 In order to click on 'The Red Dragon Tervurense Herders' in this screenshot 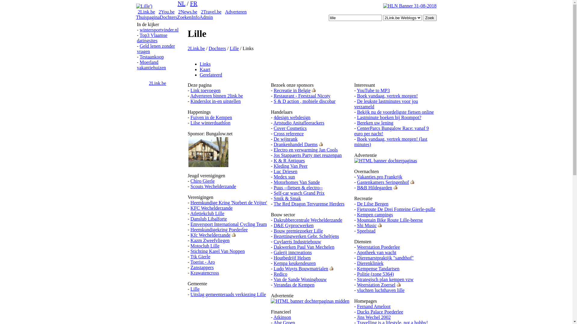, I will do `click(309, 203)`.